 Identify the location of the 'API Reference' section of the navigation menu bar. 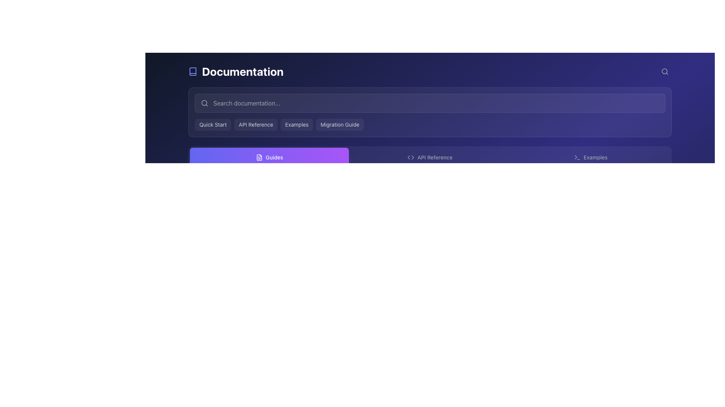
(430, 157).